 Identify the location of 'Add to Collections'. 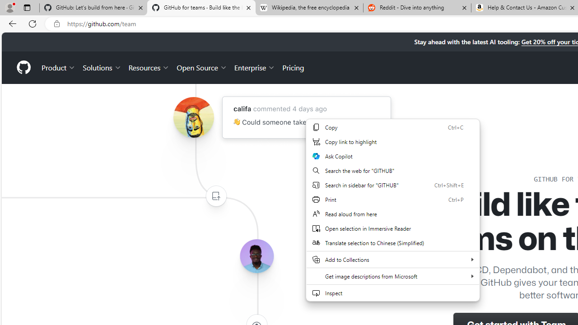
(393, 259).